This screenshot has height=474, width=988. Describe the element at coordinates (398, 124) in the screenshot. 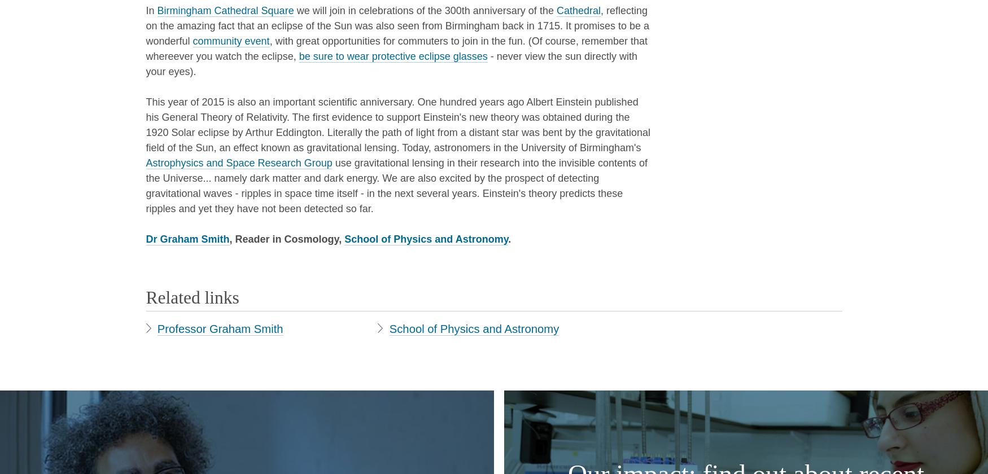

I see `'This year of 2015 is also an important scientific anniversary. One hundred years ago Albert Einstein published his General Theory of Relativity. The first evidence to support Einstein's new theory was obtained during the 1920 Solar eclipse by Arthur Eddington. Literally the path of light from a distant star was bent by the gravitational field of the Sun, an effect known as gravitational lensing. Today, astronomers in the University of Birmingham's'` at that location.